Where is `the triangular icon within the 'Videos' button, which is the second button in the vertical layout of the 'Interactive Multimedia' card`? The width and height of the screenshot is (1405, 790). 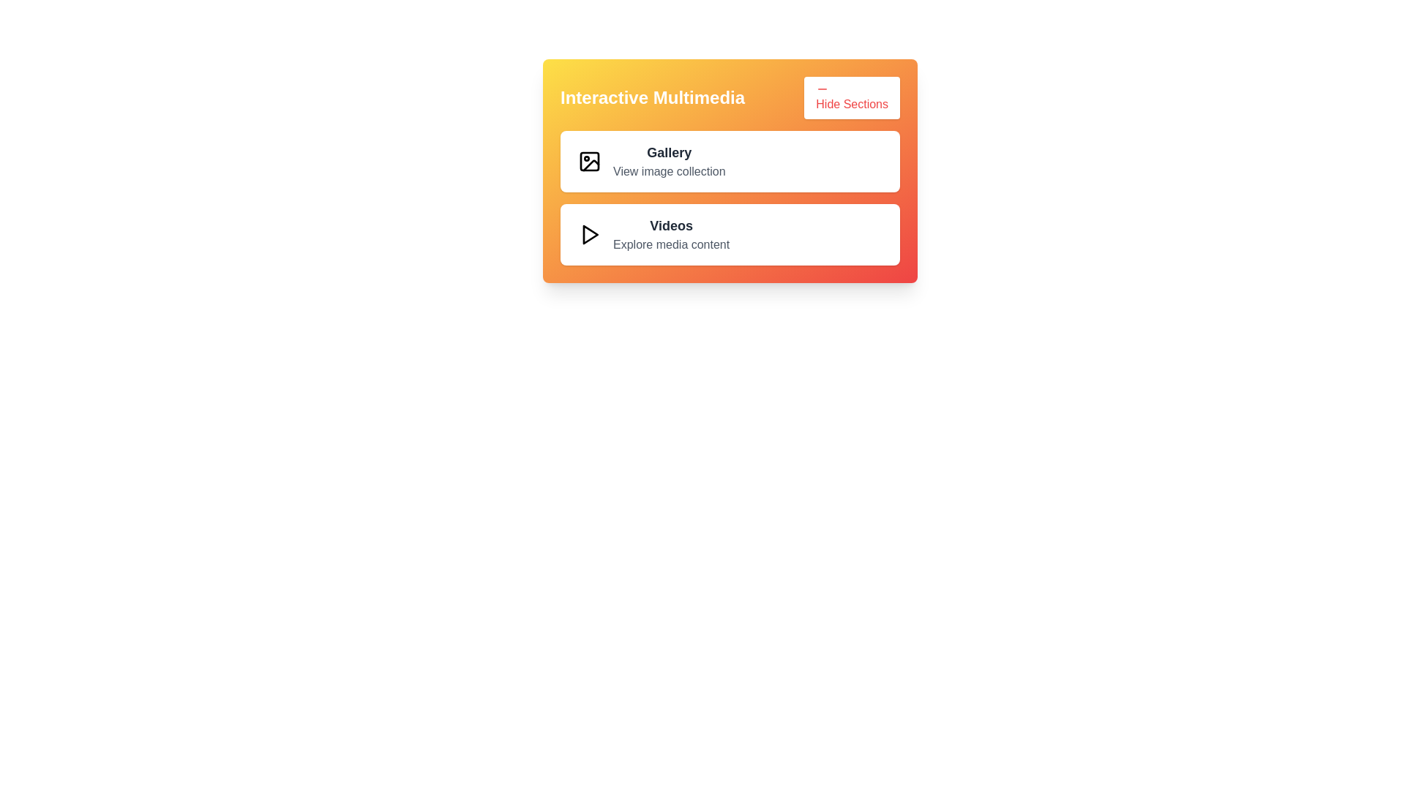 the triangular icon within the 'Videos' button, which is the second button in the vertical layout of the 'Interactive Multimedia' card is located at coordinates (591, 233).